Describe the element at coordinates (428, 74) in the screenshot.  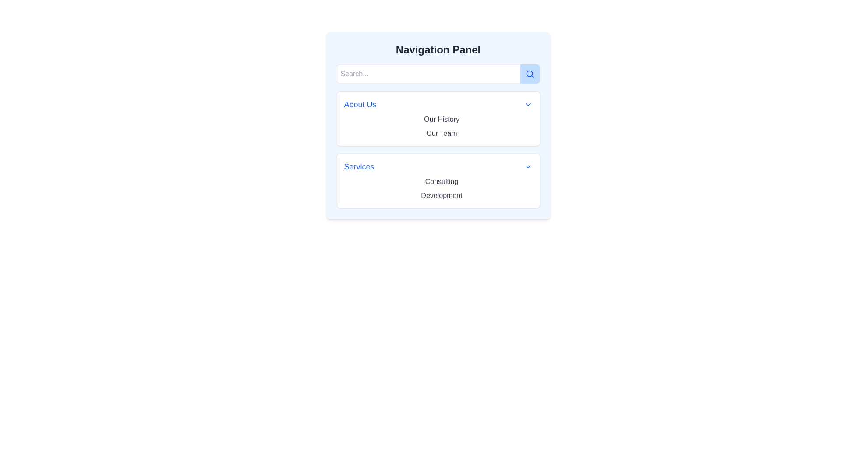
I see `the text input field located under the 'Navigation Panel' label to activate it for typing search queries` at that location.